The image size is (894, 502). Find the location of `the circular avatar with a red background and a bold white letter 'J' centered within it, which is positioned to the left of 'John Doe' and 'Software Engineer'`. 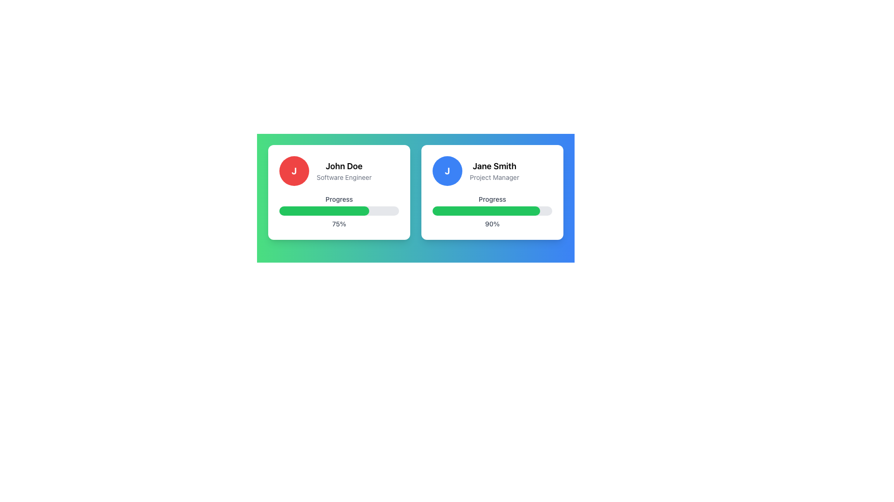

the circular avatar with a red background and a bold white letter 'J' centered within it, which is positioned to the left of 'John Doe' and 'Software Engineer' is located at coordinates (294, 171).